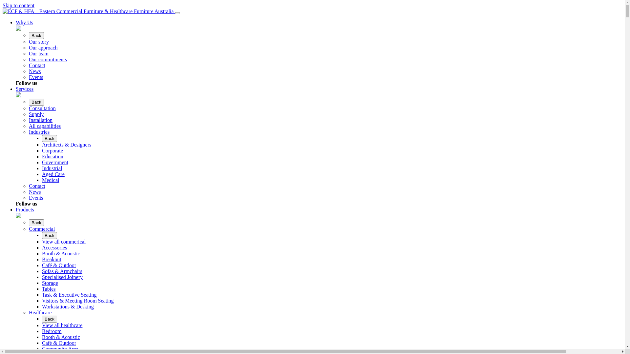  What do you see at coordinates (49, 319) in the screenshot?
I see `'Back'` at bounding box center [49, 319].